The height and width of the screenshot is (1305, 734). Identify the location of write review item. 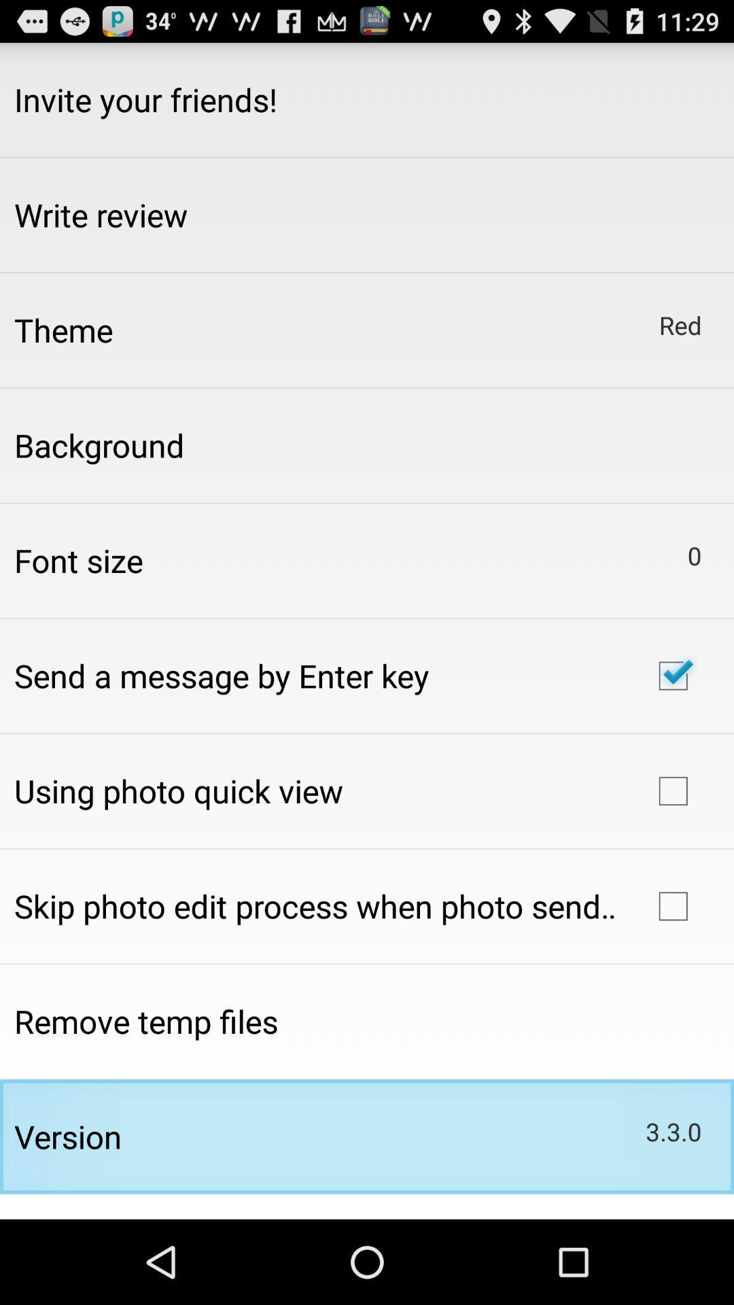
(100, 214).